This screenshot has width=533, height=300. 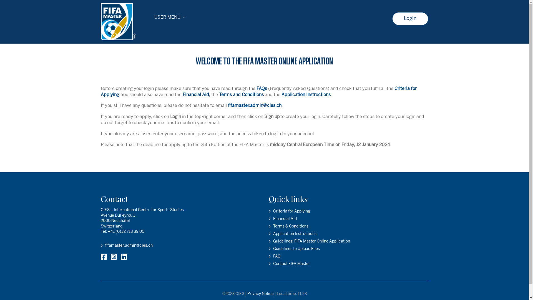 I want to click on 'Criteria for Applying', so click(x=100, y=91).